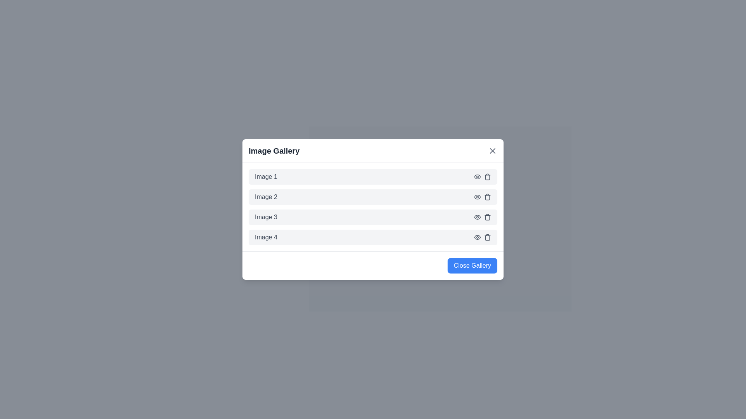 Image resolution: width=746 pixels, height=419 pixels. Describe the element at coordinates (492, 151) in the screenshot. I see `the small gray button with an 'X' icon located at the top-right corner of the 'Image Gallery' header` at that location.